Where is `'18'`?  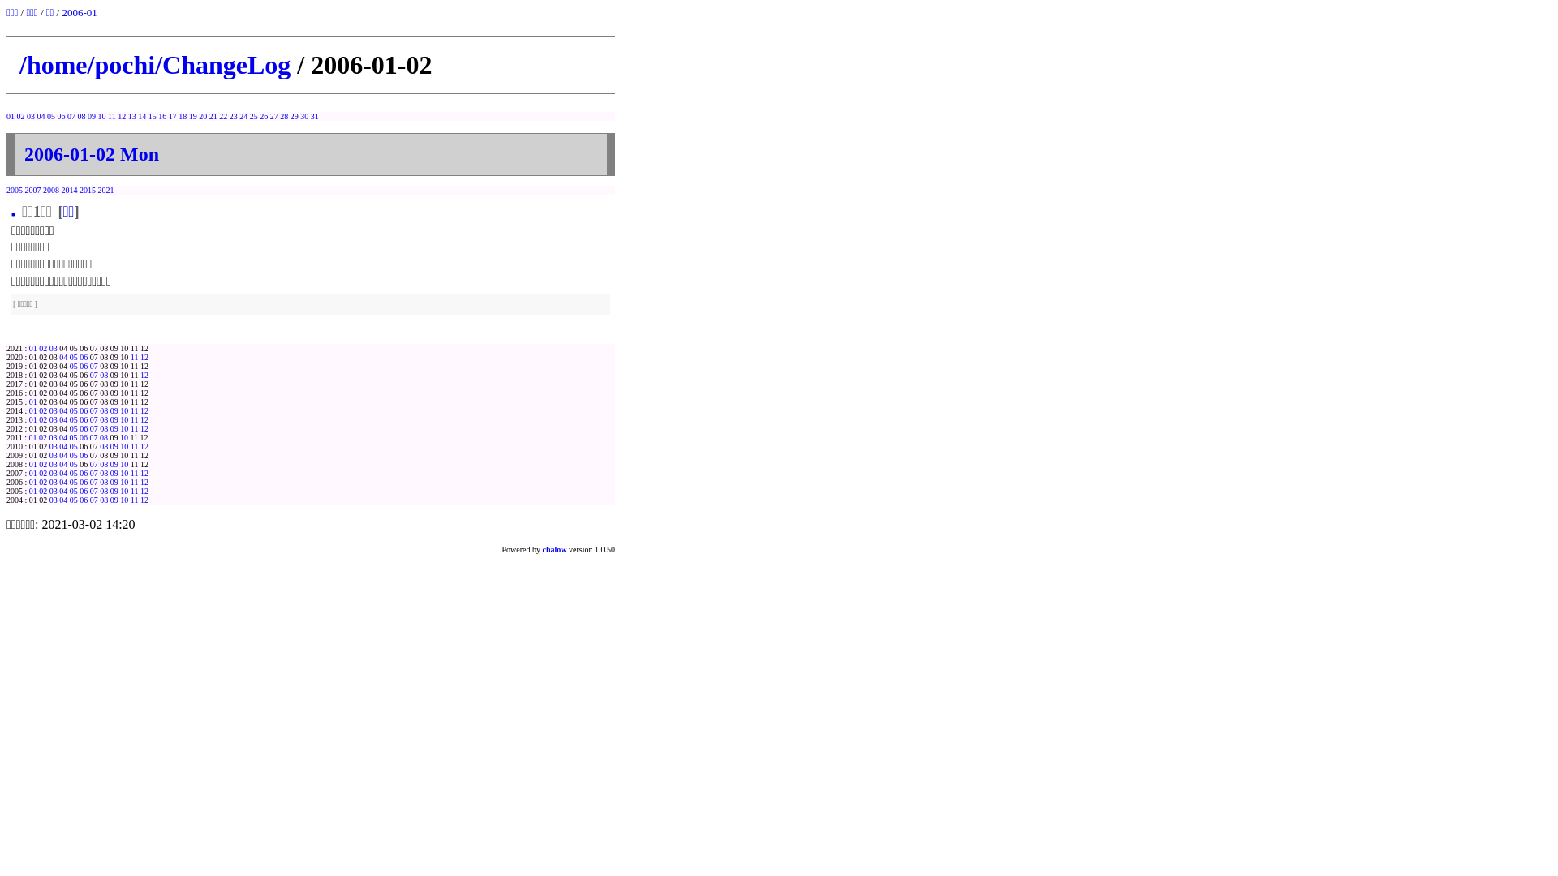 '18' is located at coordinates (183, 115).